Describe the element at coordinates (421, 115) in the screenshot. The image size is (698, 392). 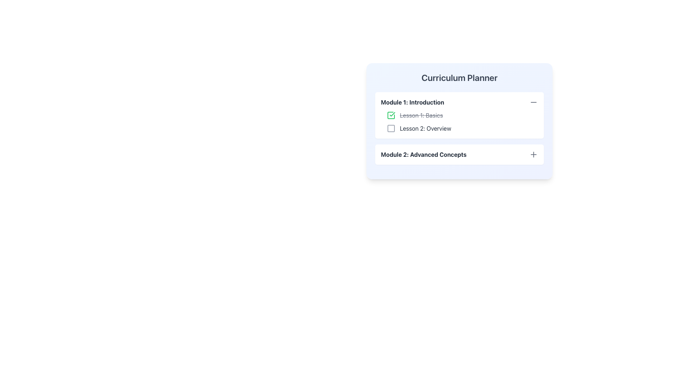
I see `the completed lesson title text in the Curriculum Planner module, located under 'Module 1: Introduction', positioned to the right of the green checkmark icon` at that location.